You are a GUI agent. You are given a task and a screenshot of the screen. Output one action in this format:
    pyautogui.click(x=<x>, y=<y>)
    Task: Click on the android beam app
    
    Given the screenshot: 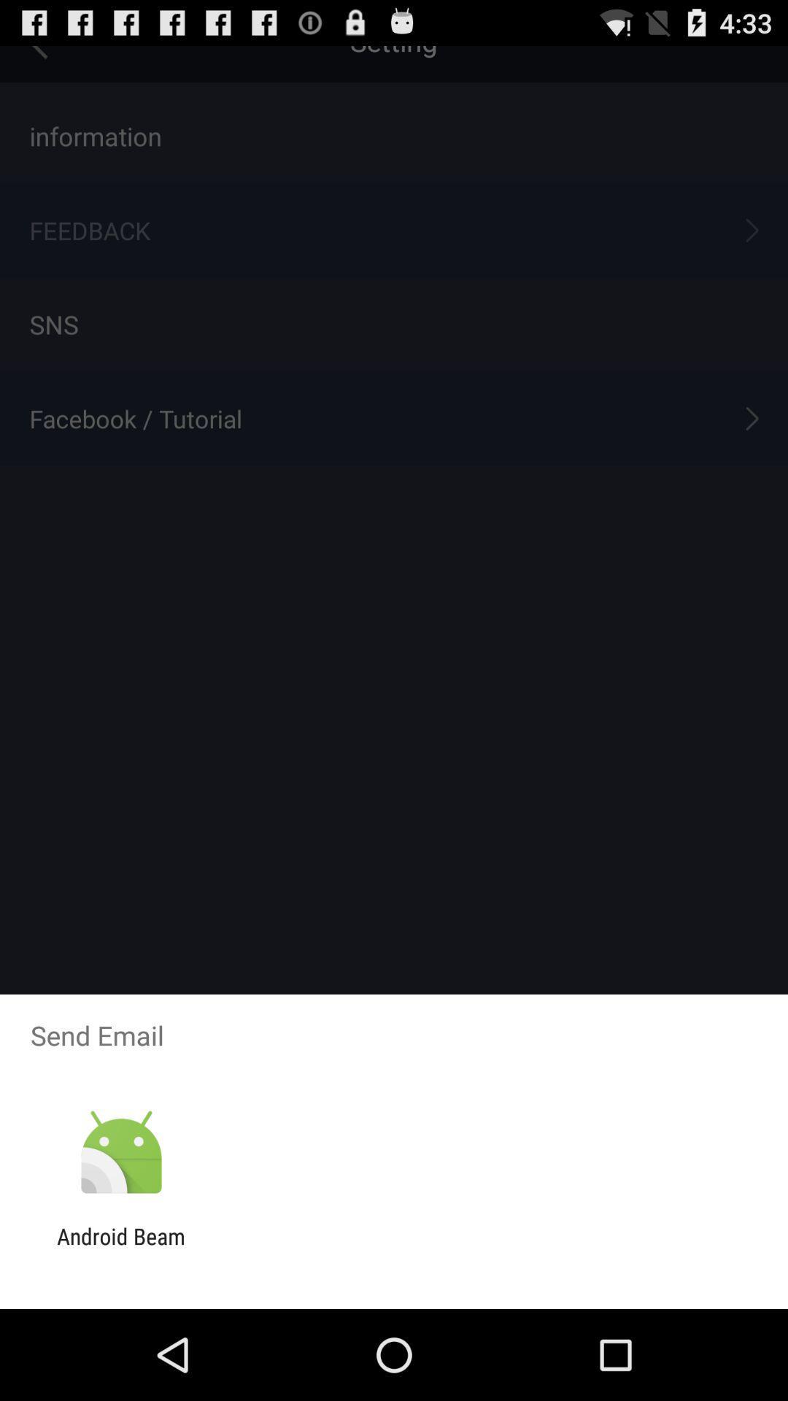 What is the action you would take?
    pyautogui.click(x=120, y=1248)
    